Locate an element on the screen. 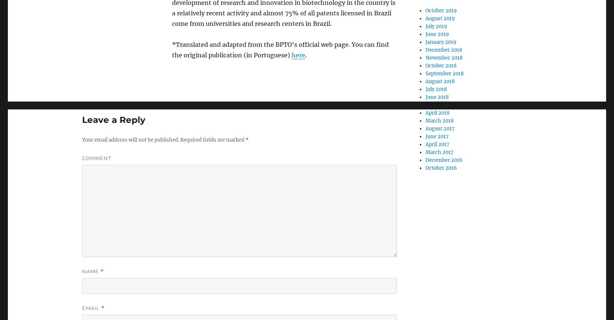 Image resolution: width=614 pixels, height=320 pixels. 'Required fields are marked' is located at coordinates (212, 139).